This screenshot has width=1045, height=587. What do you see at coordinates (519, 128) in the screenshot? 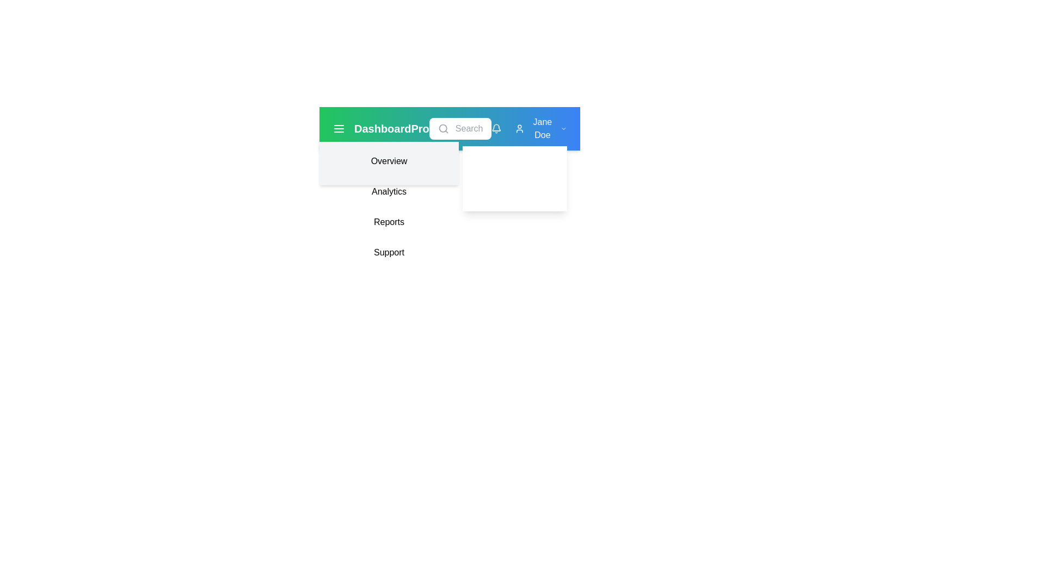
I see `the user icon located at the top right of the interface, adjacent to the text label 'Jane Doe'` at bounding box center [519, 128].